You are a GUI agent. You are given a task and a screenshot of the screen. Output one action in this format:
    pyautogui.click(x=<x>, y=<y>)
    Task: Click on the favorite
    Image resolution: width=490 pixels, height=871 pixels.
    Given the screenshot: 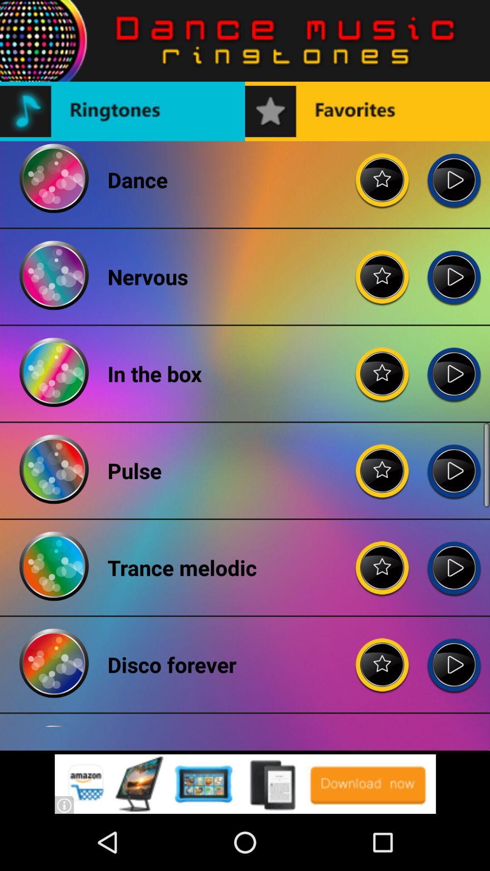 What is the action you would take?
    pyautogui.click(x=382, y=464)
    